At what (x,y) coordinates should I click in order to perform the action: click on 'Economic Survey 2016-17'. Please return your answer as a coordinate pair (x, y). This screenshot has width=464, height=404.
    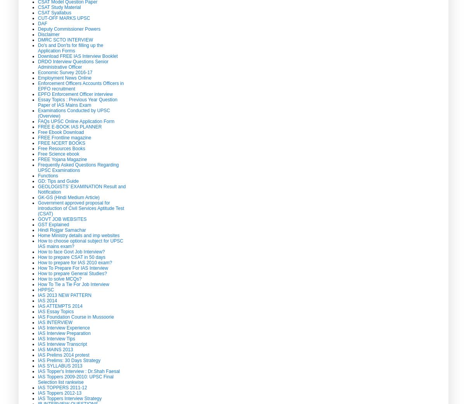
    Looking at the image, I should click on (64, 72).